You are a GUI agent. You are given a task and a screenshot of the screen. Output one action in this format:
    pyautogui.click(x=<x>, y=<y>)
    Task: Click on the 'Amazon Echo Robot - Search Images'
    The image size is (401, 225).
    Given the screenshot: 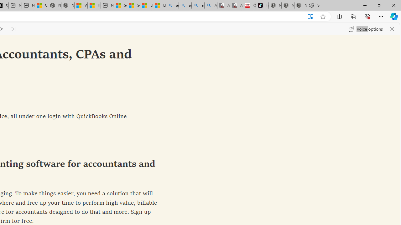 What is the action you would take?
    pyautogui.click(x=211, y=5)
    